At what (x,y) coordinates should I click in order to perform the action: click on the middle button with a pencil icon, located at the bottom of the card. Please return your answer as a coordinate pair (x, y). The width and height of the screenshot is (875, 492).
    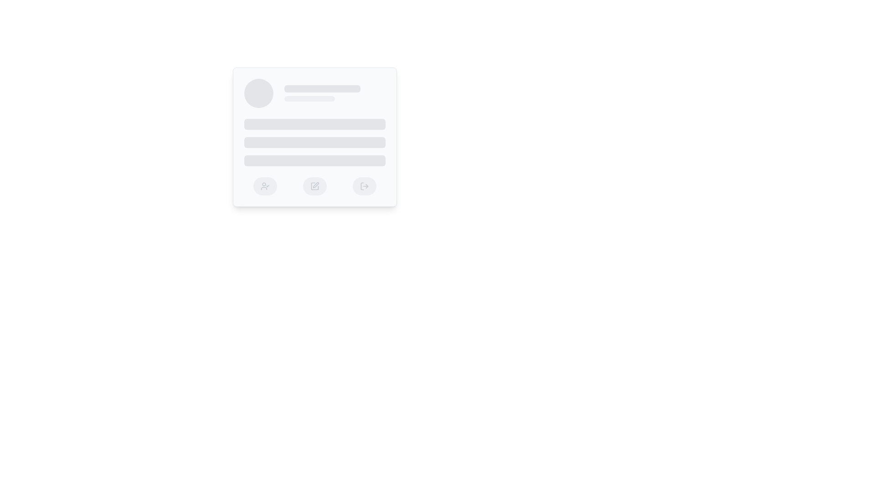
    Looking at the image, I should click on (315, 185).